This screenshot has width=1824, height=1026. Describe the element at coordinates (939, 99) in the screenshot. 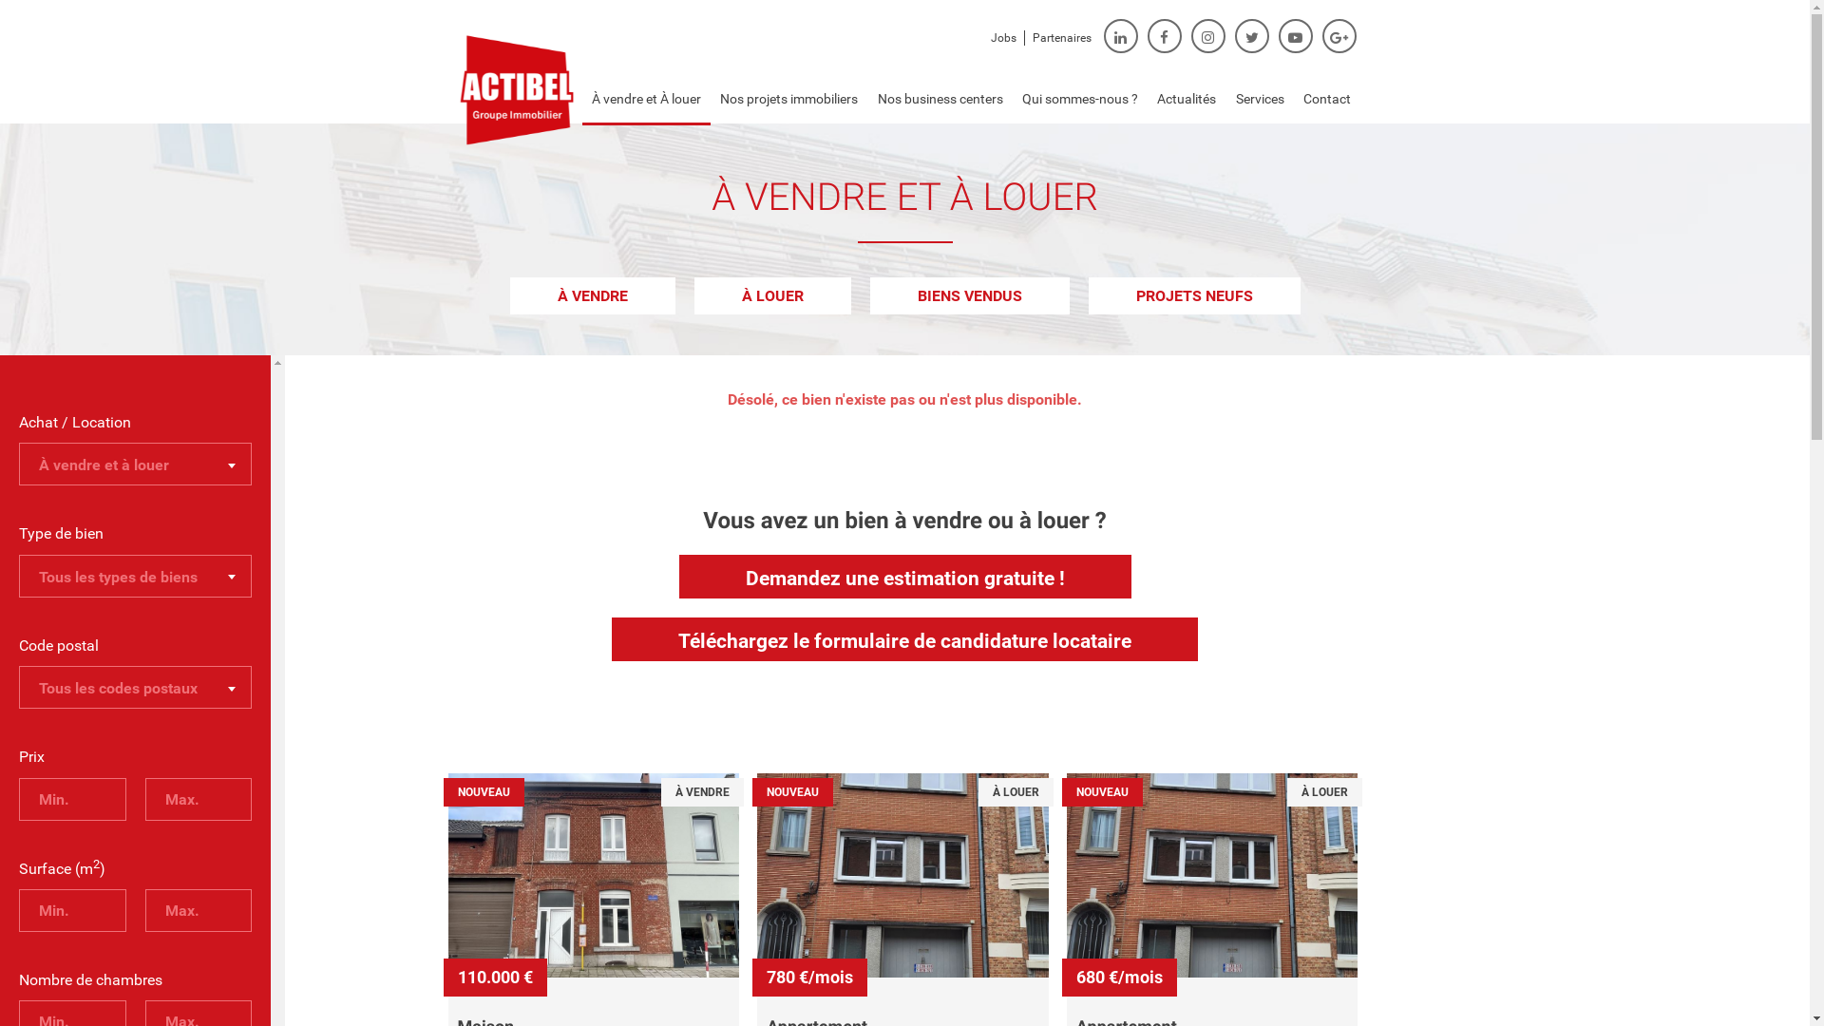

I see `'Nos business centers'` at that location.